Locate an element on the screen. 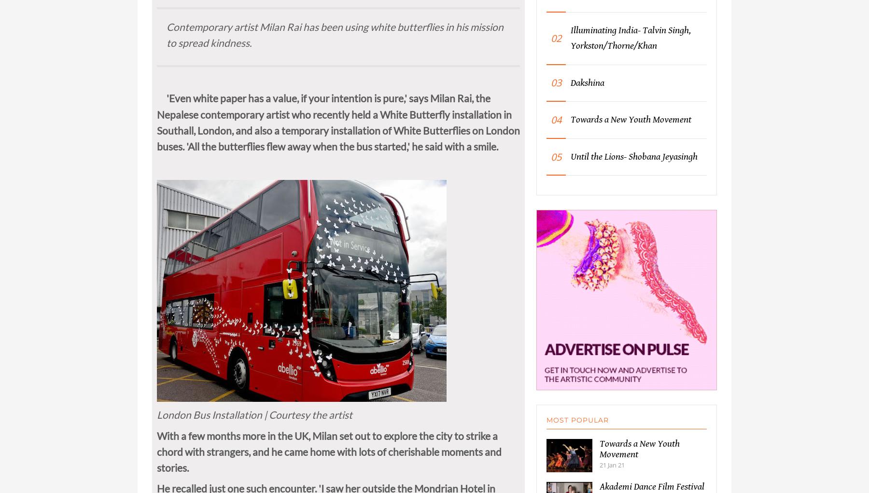 The width and height of the screenshot is (869, 493). 'Comments' is located at coordinates (210, 5).